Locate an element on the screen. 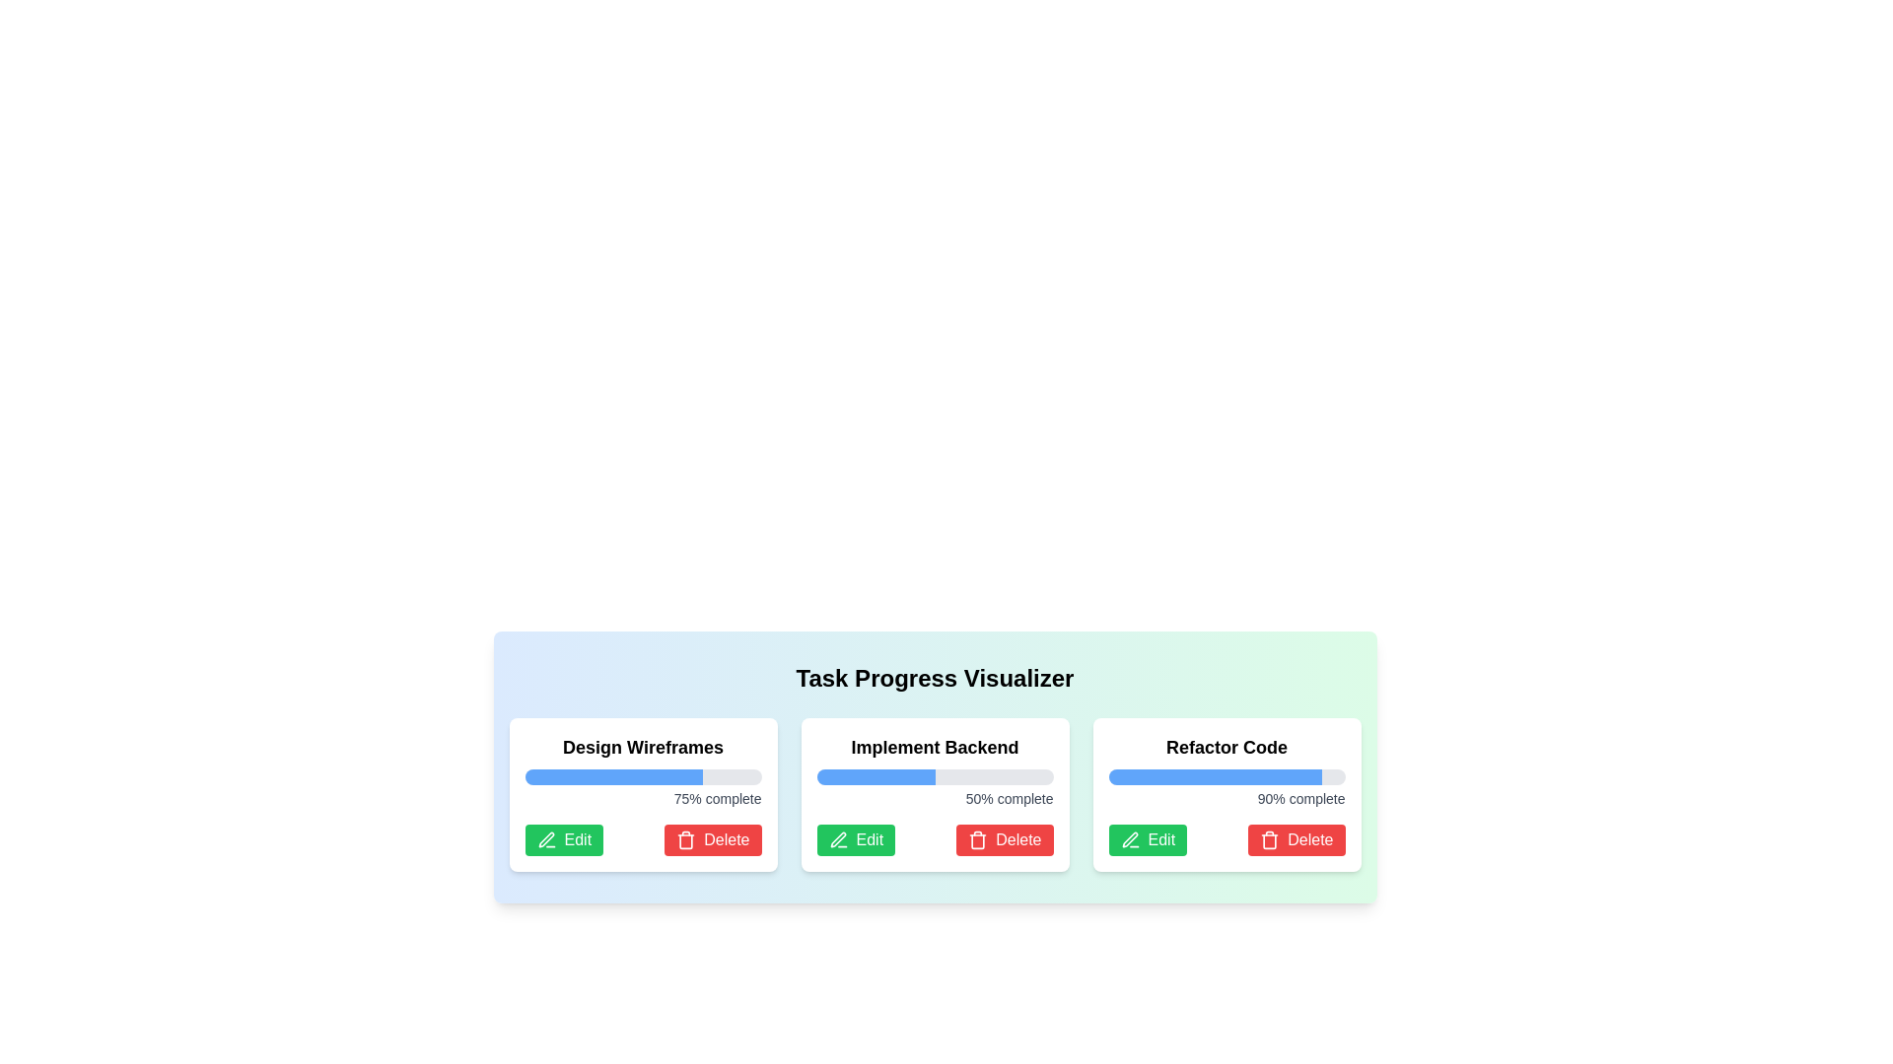 The height and width of the screenshot is (1064, 1893). the pen icon located in the green 'Edit' button next to the title 'Implement Backend' to initiate the edit action is located at coordinates (838, 839).